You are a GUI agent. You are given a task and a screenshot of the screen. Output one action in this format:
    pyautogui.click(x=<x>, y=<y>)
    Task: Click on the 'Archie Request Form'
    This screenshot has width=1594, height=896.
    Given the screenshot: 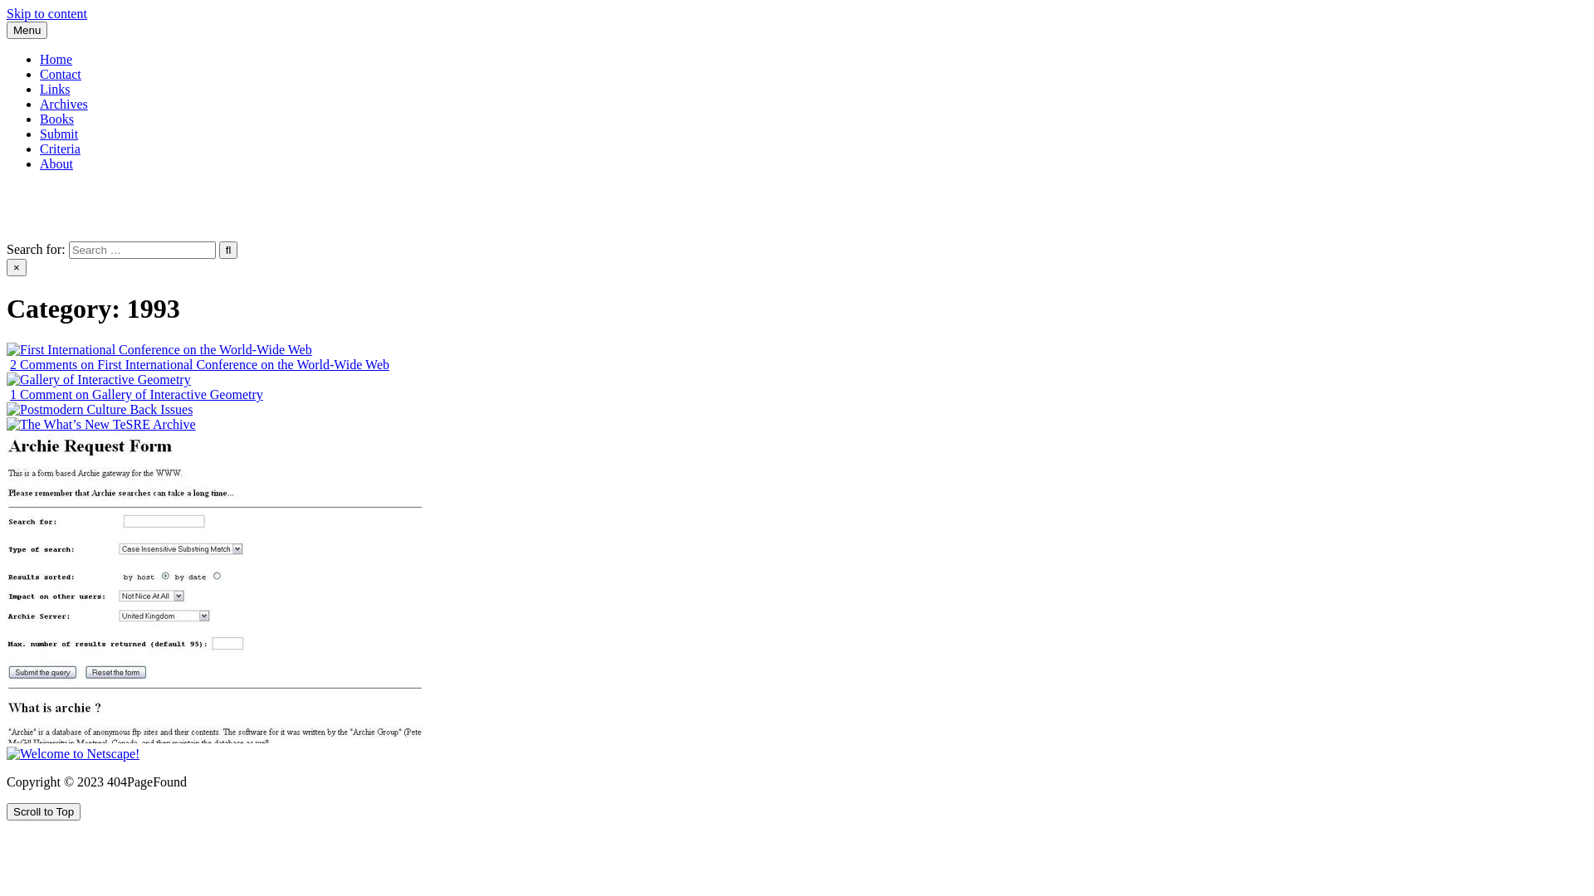 What is the action you would take?
    pyautogui.click(x=213, y=587)
    